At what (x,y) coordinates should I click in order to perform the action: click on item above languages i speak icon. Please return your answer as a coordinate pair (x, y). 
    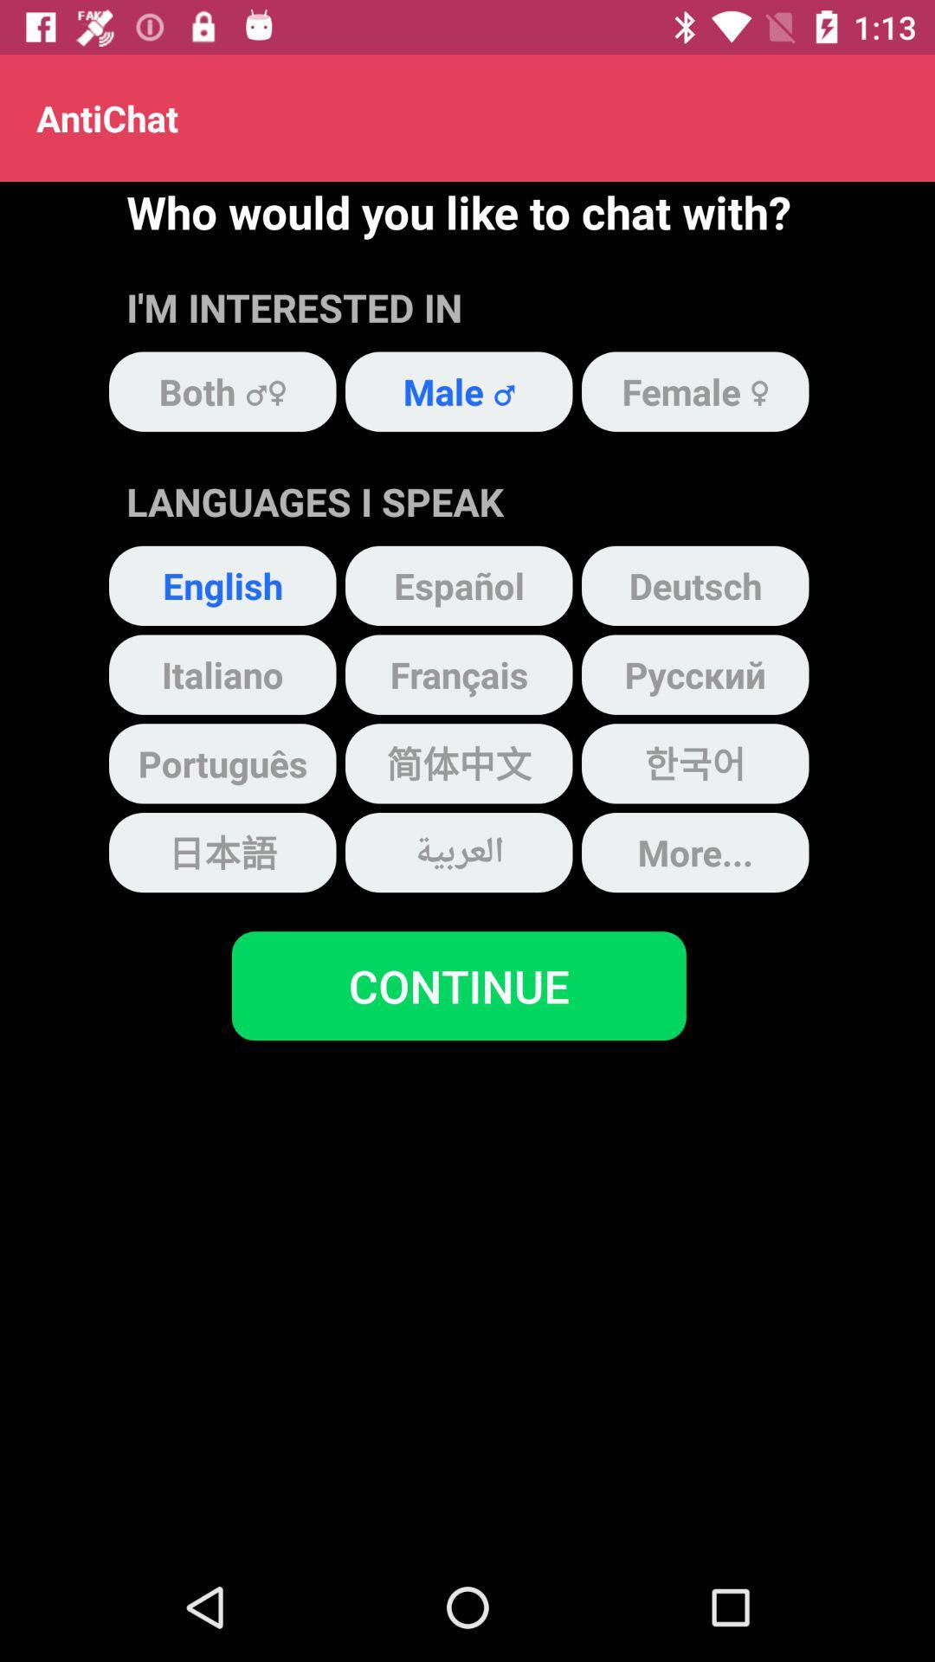
    Looking at the image, I should click on (458, 390).